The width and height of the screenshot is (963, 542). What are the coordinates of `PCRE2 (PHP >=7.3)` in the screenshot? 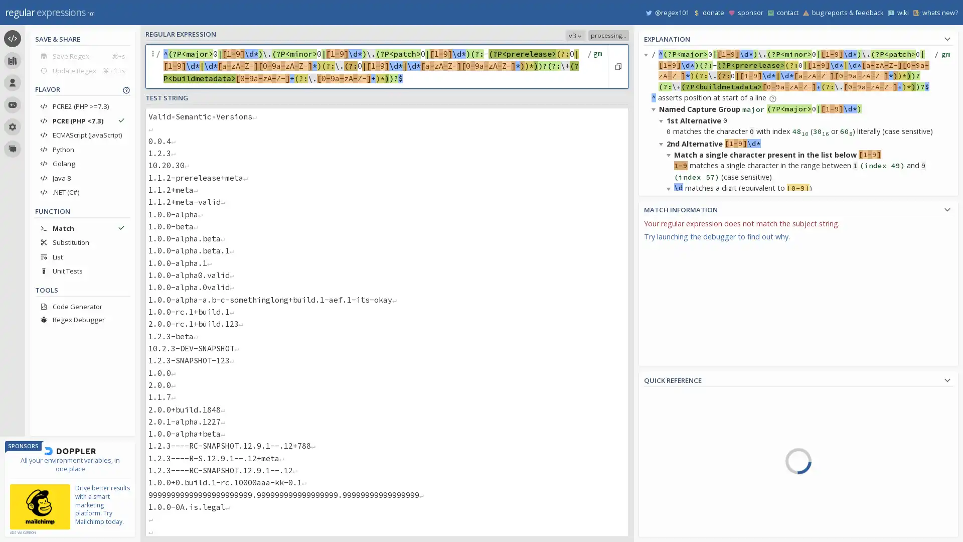 It's located at (82, 106).